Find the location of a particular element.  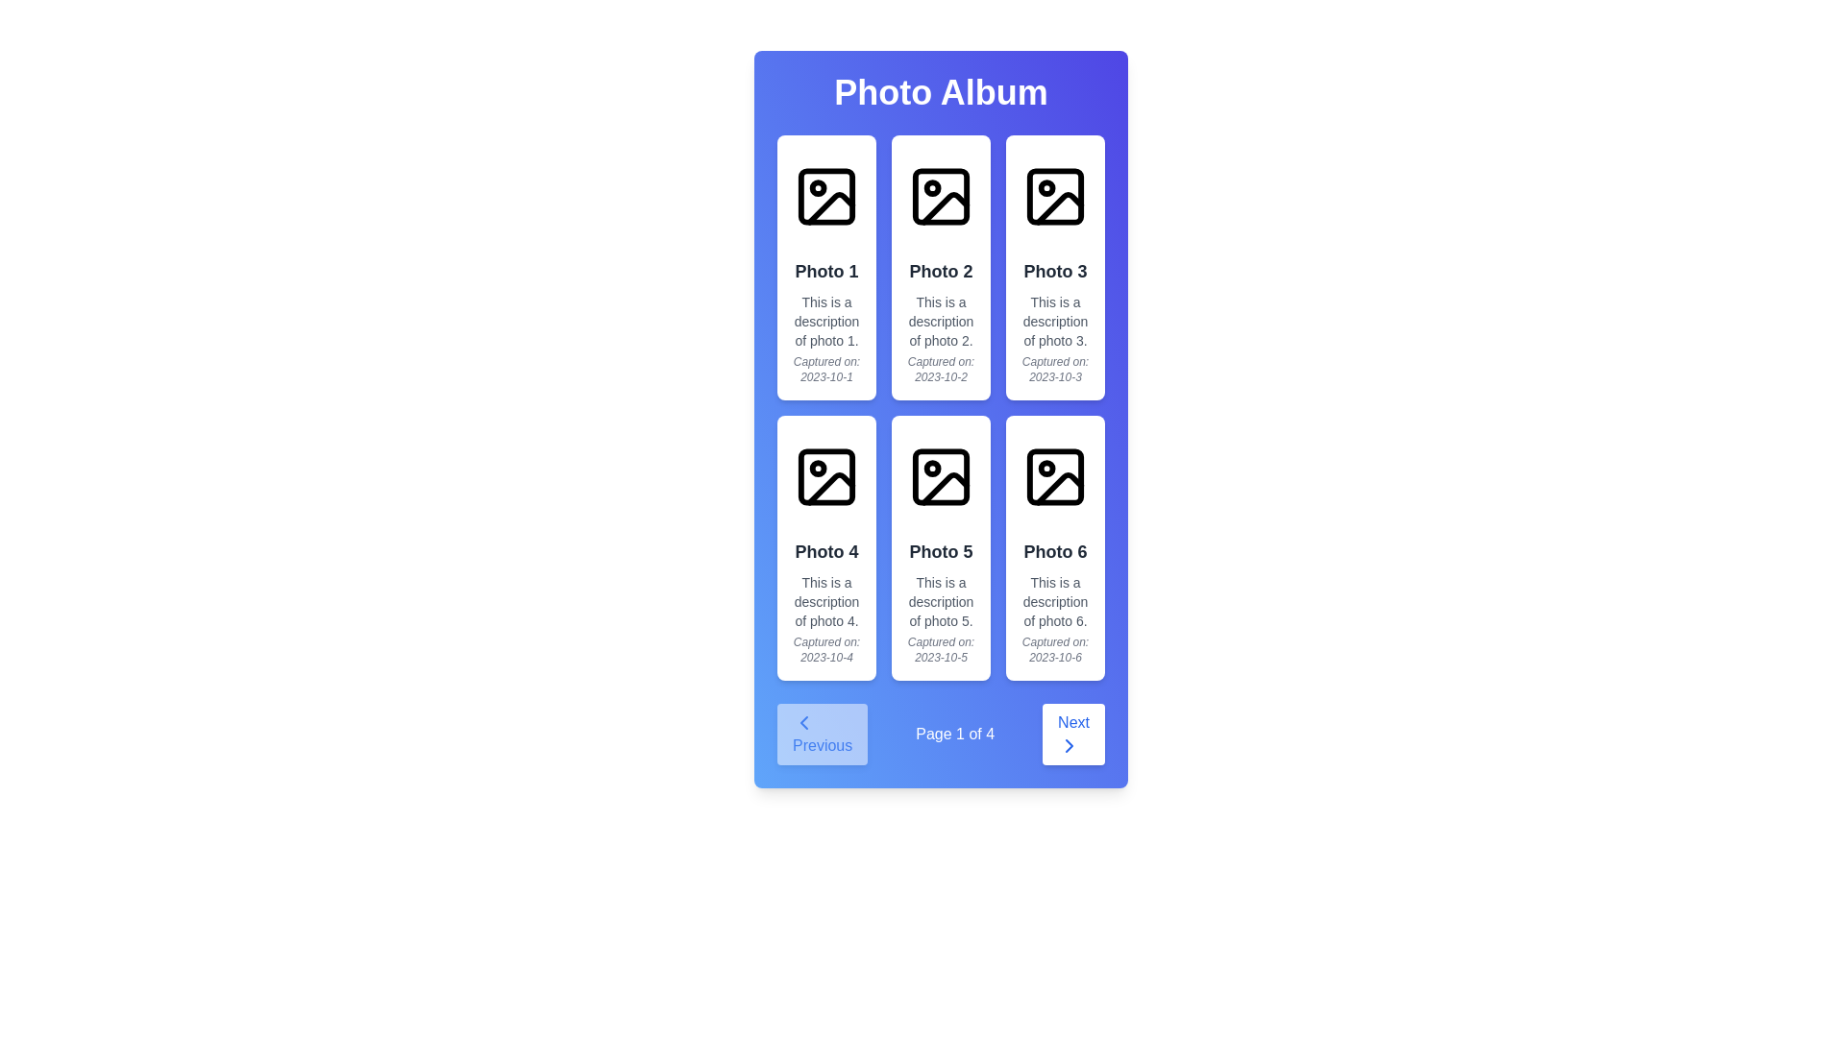

the third card in the last row of the grid, located in the bottom-right corner, which visually represents an image entry with a title, description, and creation date is located at coordinates (1054, 547).